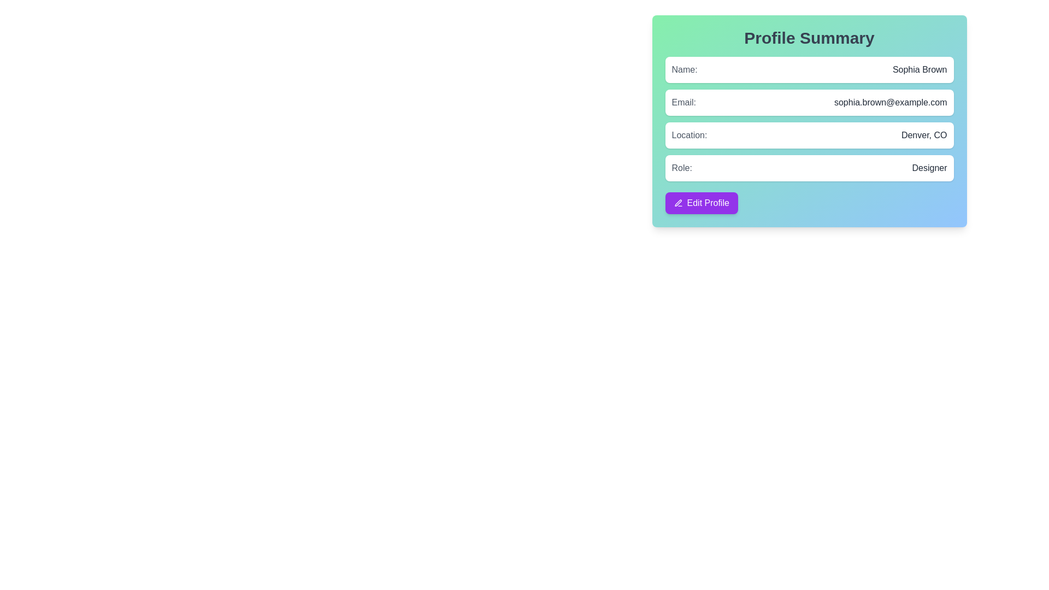  Describe the element at coordinates (689, 134) in the screenshot. I see `the 'Location' label in the 'Profile Summary' panel, which indicates the purpose of the accompanying data ('Denver, CO')` at that location.